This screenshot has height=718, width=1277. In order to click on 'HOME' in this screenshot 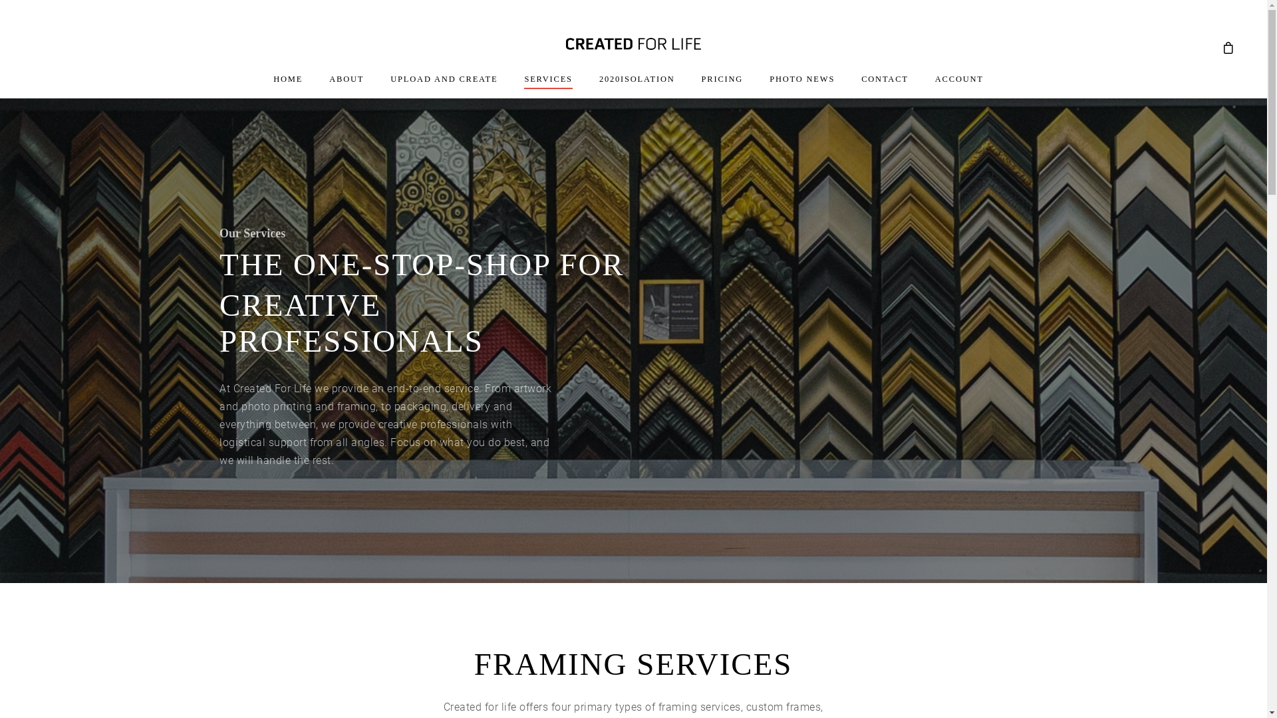, I will do `click(287, 86)`.